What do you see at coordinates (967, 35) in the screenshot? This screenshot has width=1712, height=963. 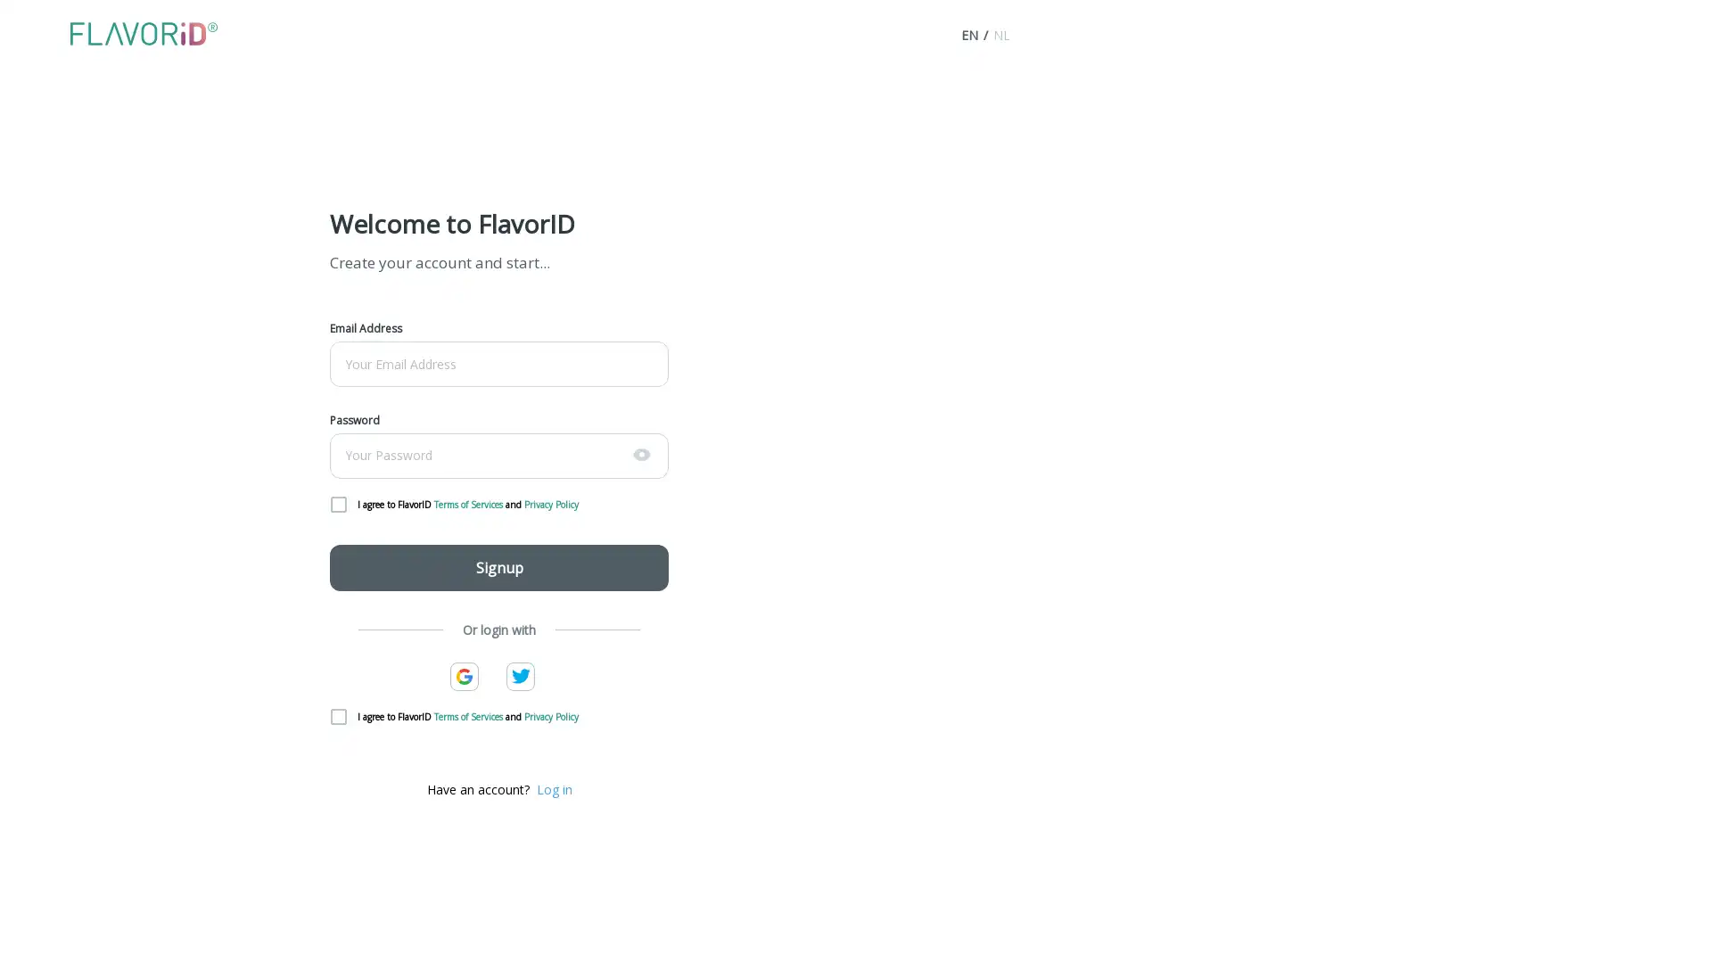 I see `EN` at bounding box center [967, 35].